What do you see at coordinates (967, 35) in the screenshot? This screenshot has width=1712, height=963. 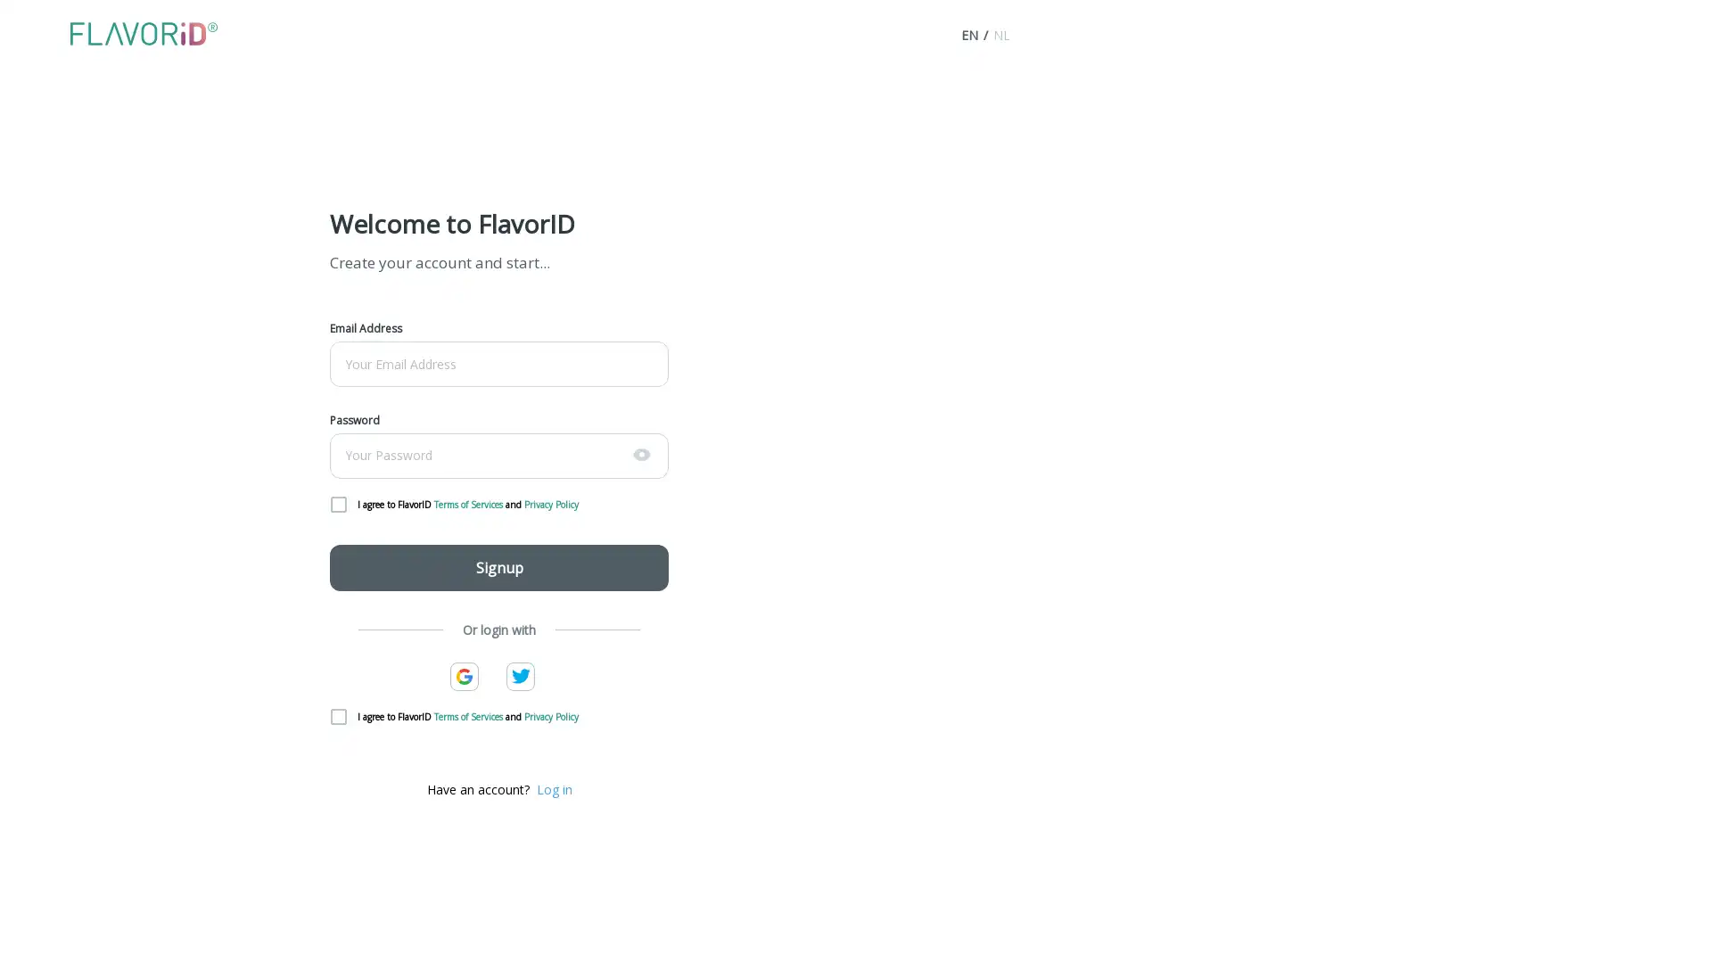 I see `EN` at bounding box center [967, 35].